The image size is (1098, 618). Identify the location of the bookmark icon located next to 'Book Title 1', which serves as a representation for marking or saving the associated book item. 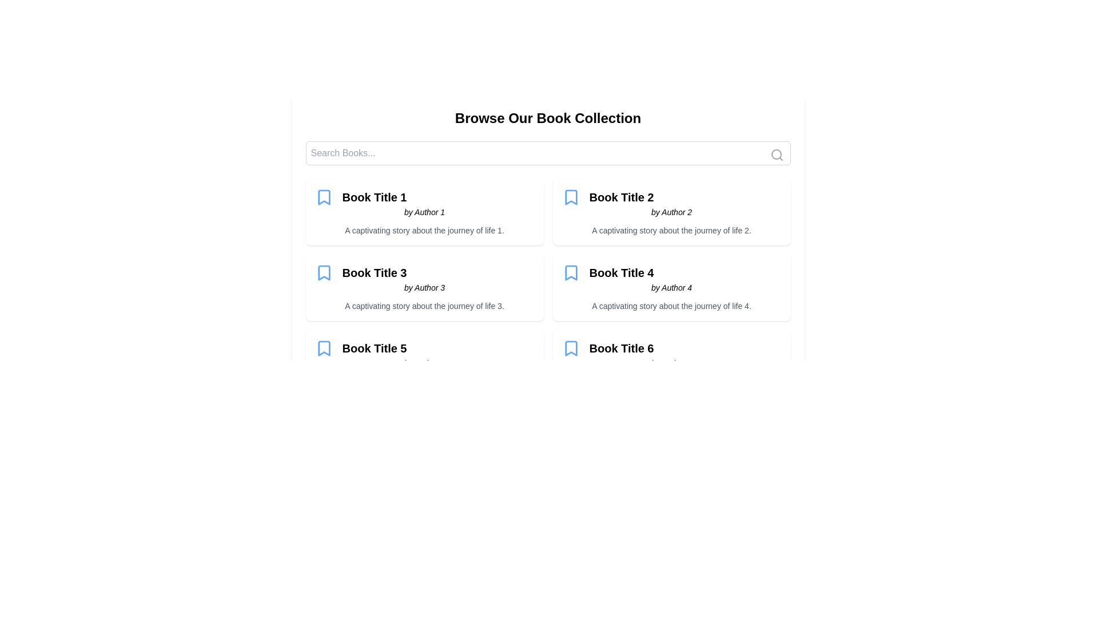
(323, 196).